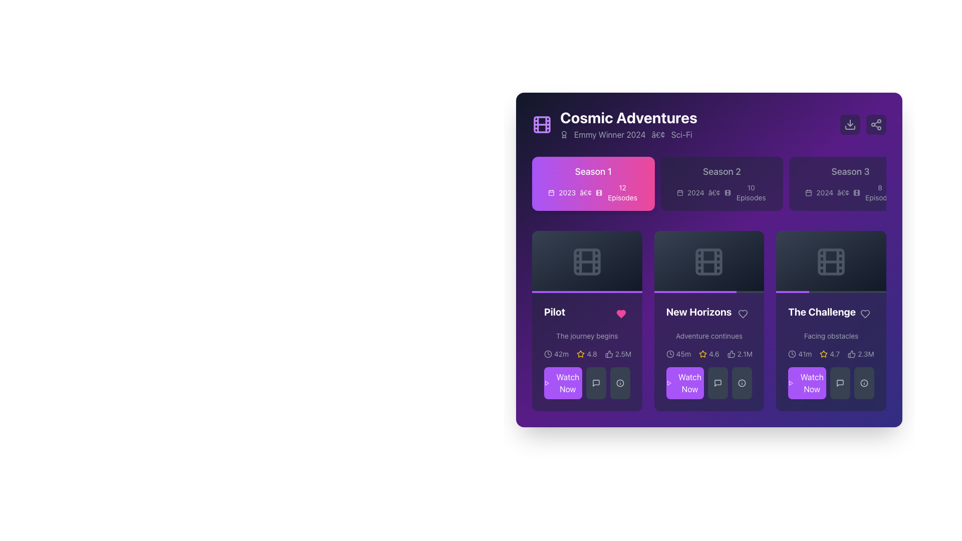 This screenshot has width=962, height=541. I want to click on the heart icon representing the 'like' action within the 'Pilot' card, so click(743, 313).